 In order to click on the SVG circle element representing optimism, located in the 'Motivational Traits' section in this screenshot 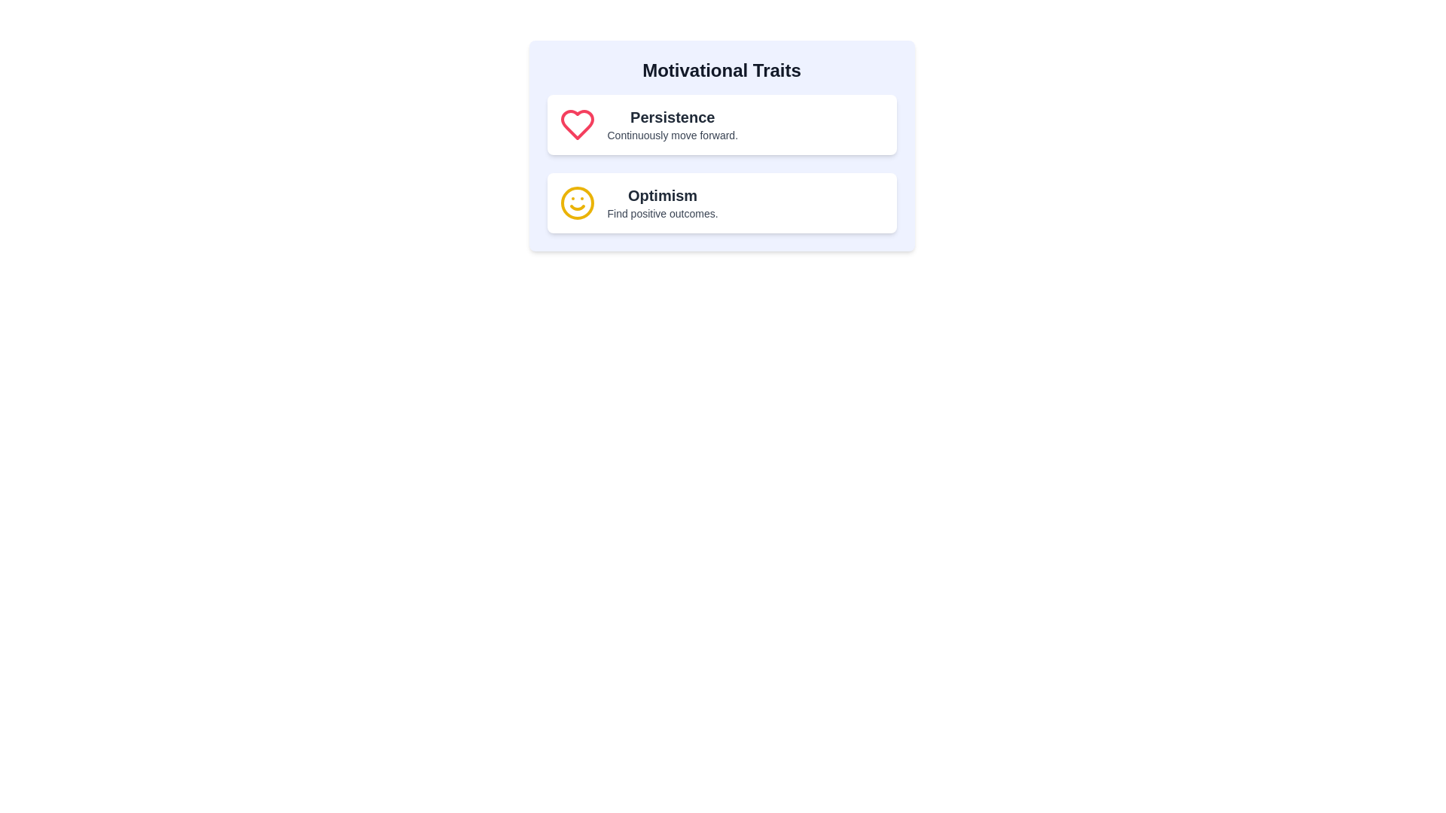, I will do `click(576, 203)`.